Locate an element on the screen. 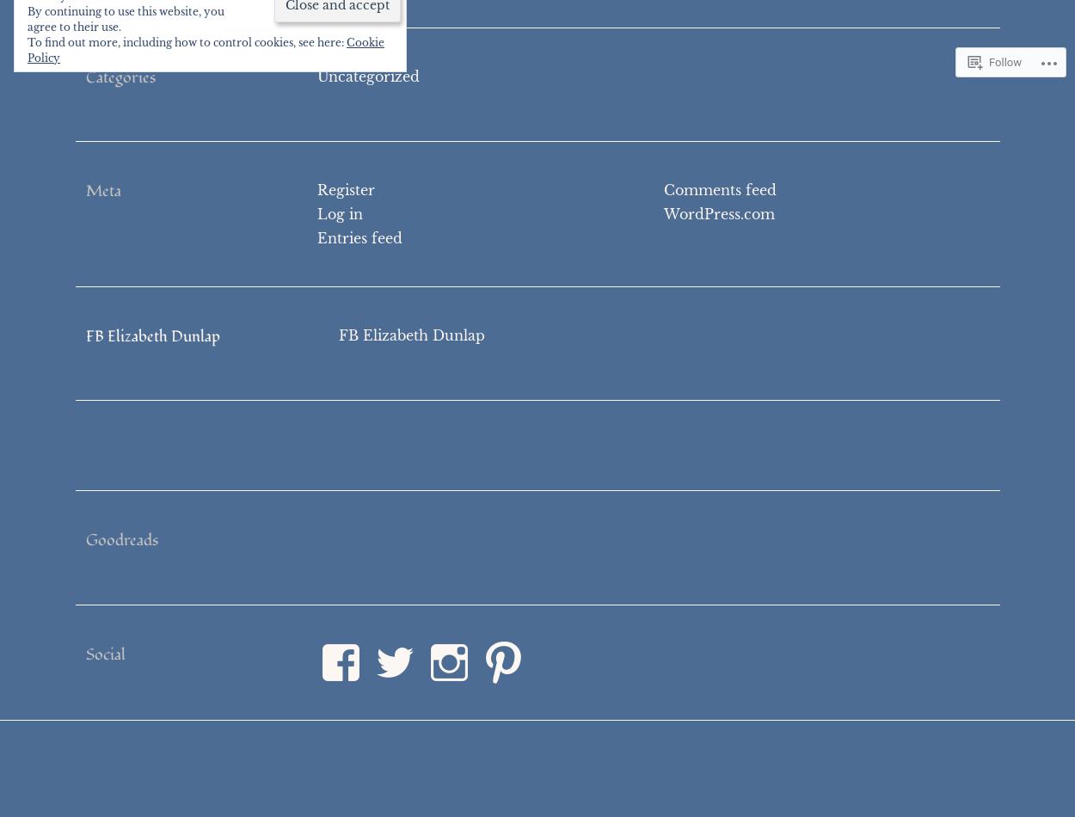 The height and width of the screenshot is (817, 1075). 'Log in' is located at coordinates (339, 212).